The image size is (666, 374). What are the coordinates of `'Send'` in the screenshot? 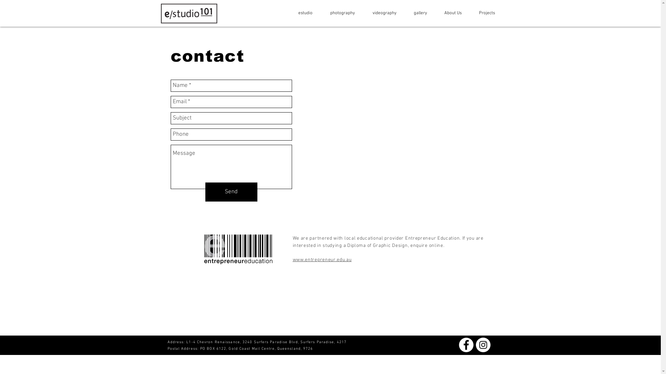 It's located at (205, 192).